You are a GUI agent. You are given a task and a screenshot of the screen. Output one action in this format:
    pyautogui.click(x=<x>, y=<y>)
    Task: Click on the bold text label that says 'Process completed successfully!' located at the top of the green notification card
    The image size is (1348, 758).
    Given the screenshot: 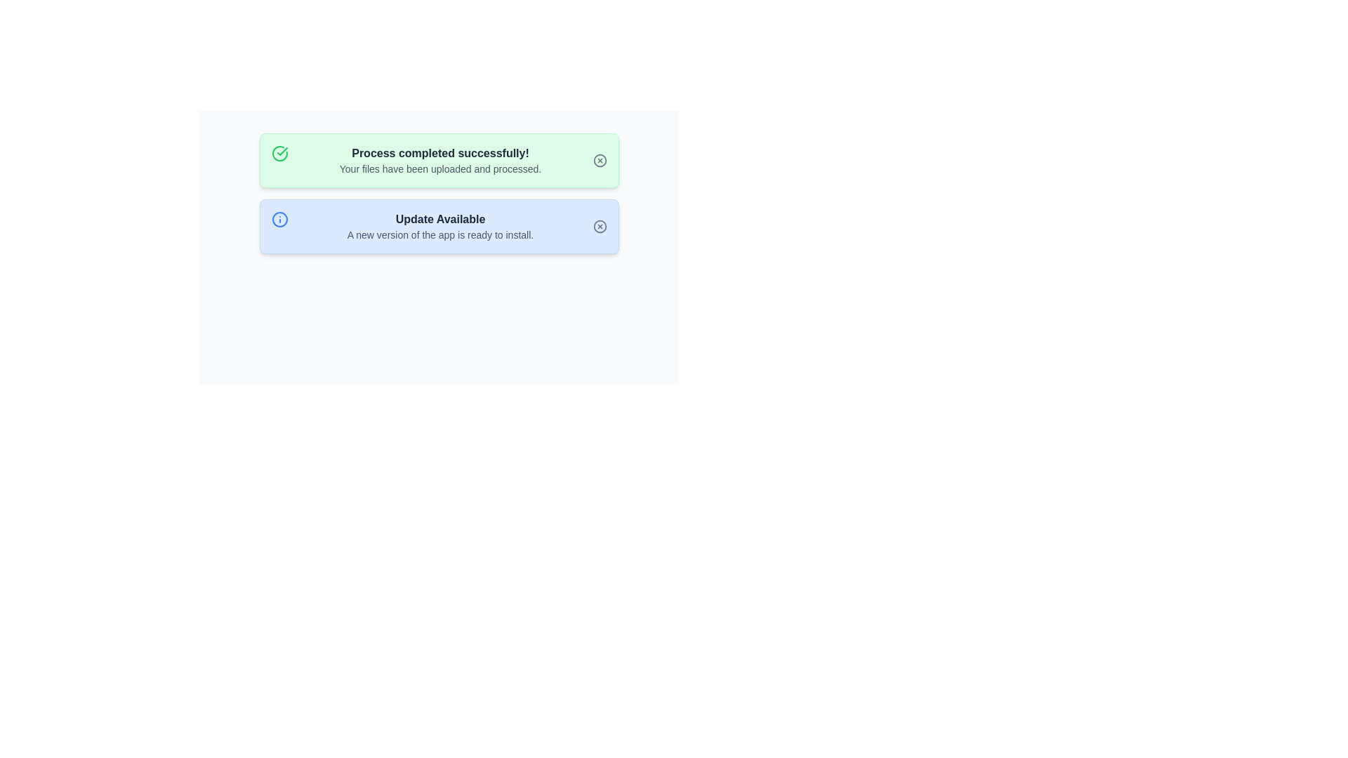 What is the action you would take?
    pyautogui.click(x=440, y=154)
    